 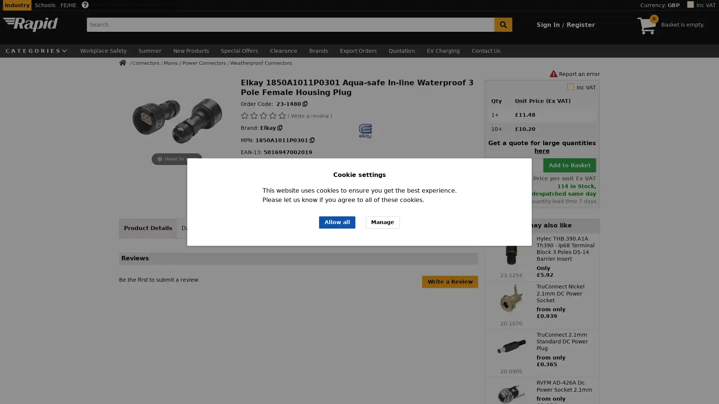 What do you see at coordinates (569, 164) in the screenshot?
I see `Add to Basket` at bounding box center [569, 164].